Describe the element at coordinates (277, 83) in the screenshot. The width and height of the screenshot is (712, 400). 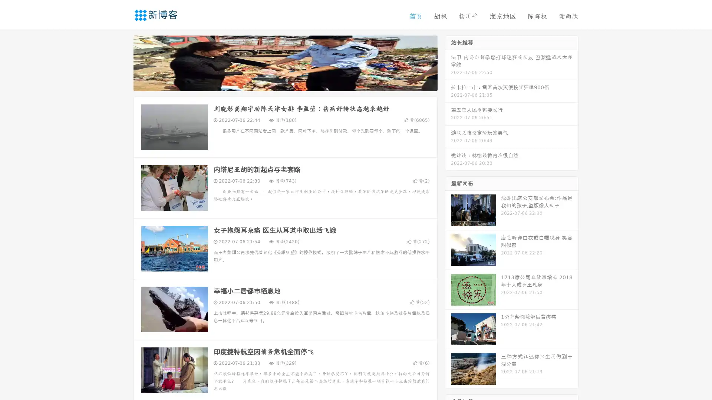
I see `Go to slide 1` at that location.